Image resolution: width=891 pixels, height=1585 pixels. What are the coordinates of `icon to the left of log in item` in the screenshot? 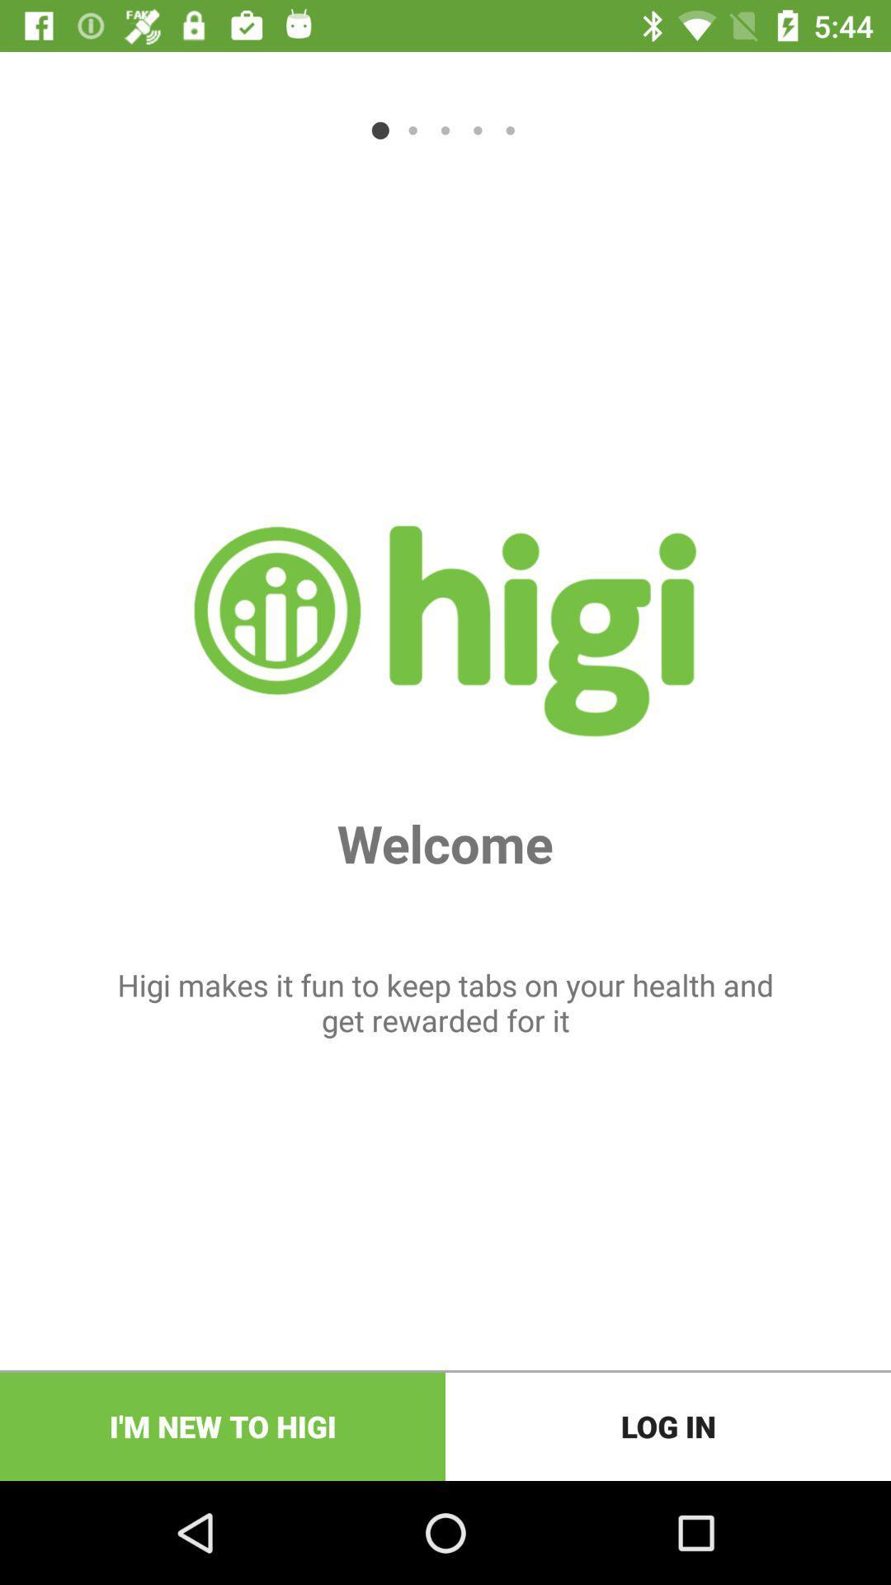 It's located at (223, 1426).